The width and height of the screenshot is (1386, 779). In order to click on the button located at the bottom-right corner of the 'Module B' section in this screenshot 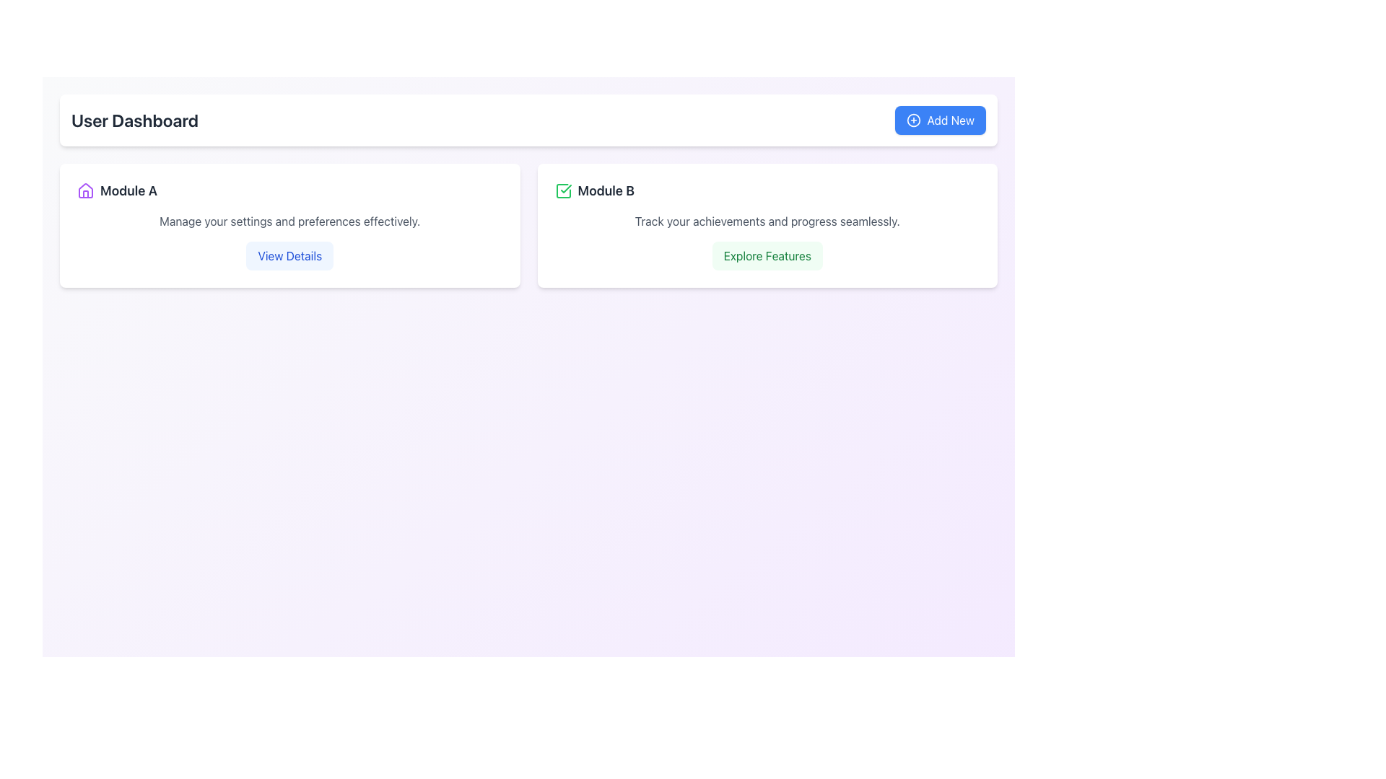, I will do `click(767, 255)`.